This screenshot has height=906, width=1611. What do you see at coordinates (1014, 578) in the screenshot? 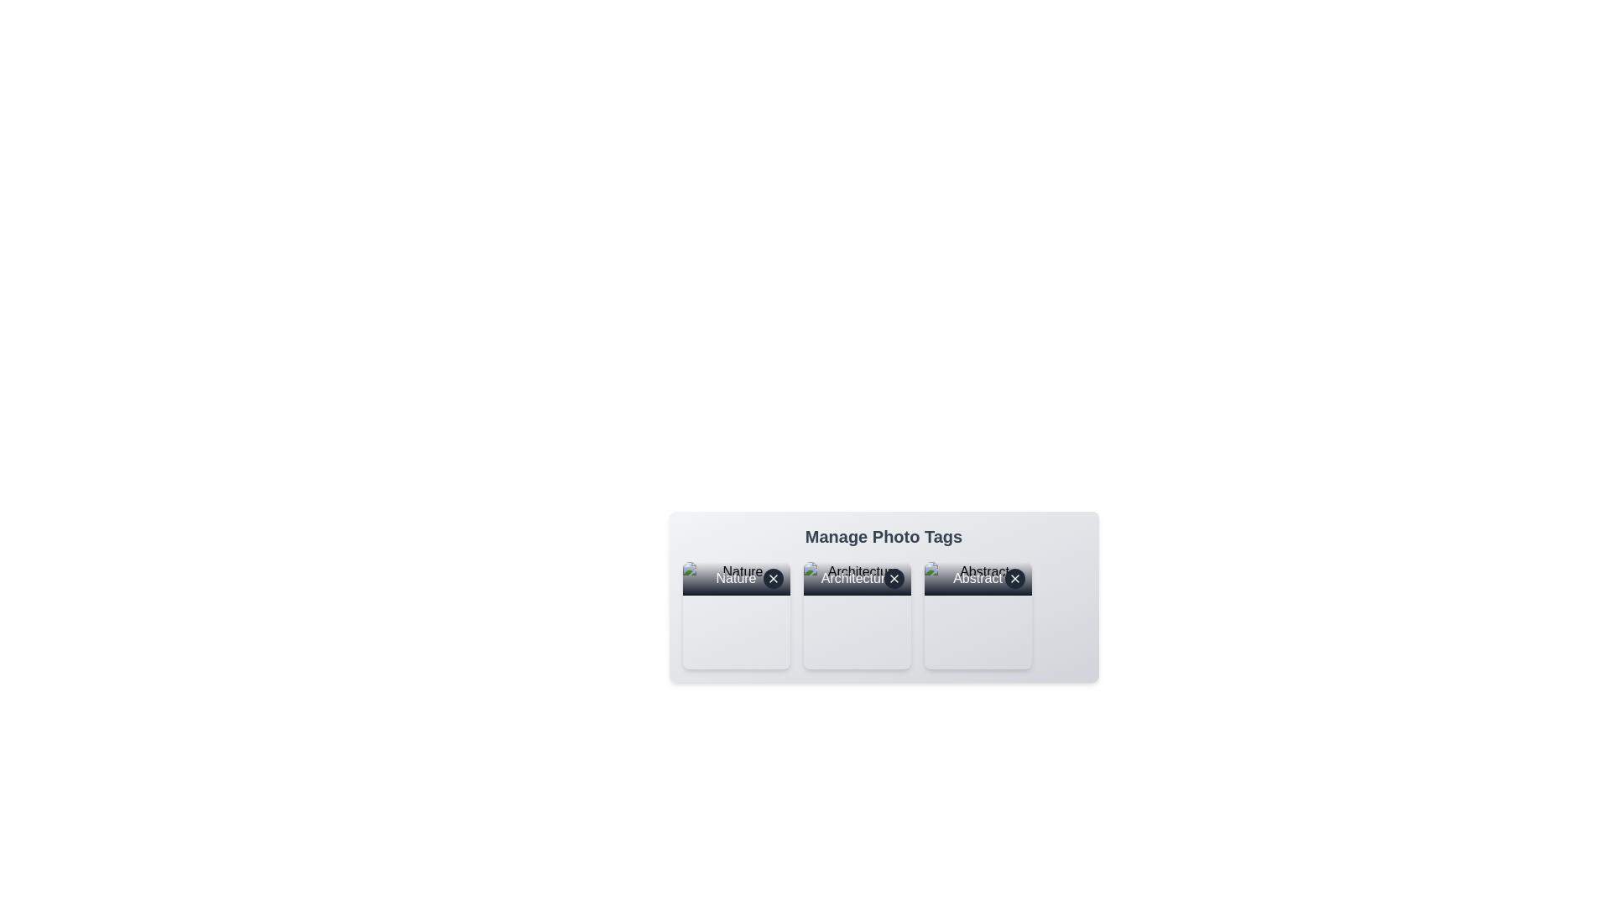
I see `the close button of the tag labeled Abstract to remove it` at bounding box center [1014, 578].